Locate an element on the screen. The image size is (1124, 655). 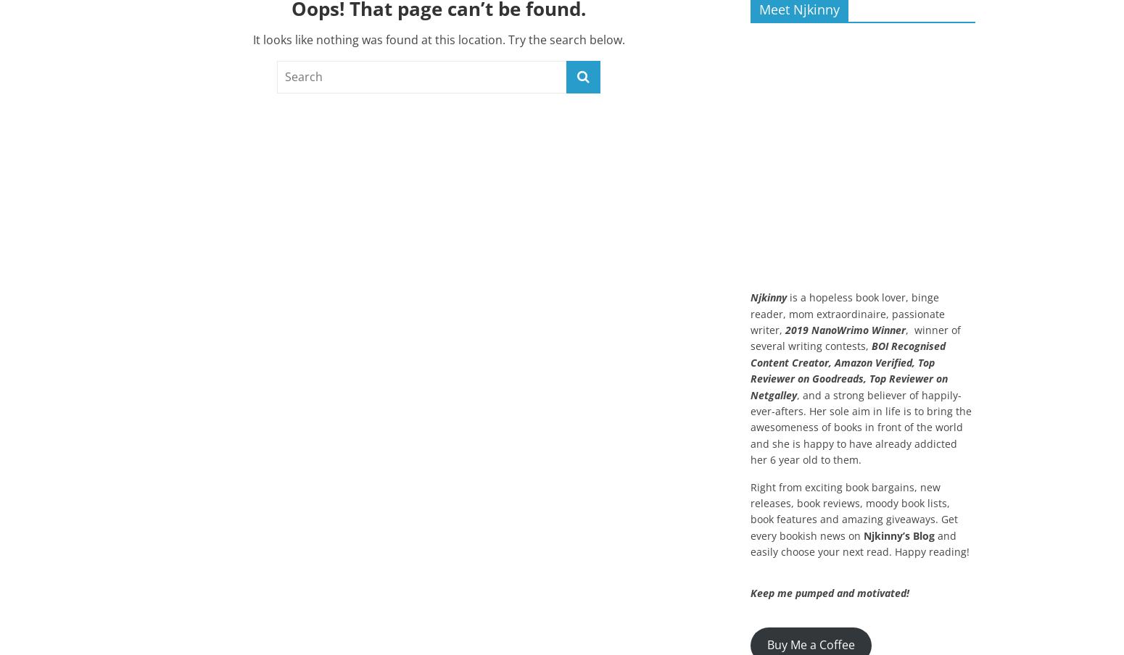
'Njkinny’s Blog' is located at coordinates (899, 535).